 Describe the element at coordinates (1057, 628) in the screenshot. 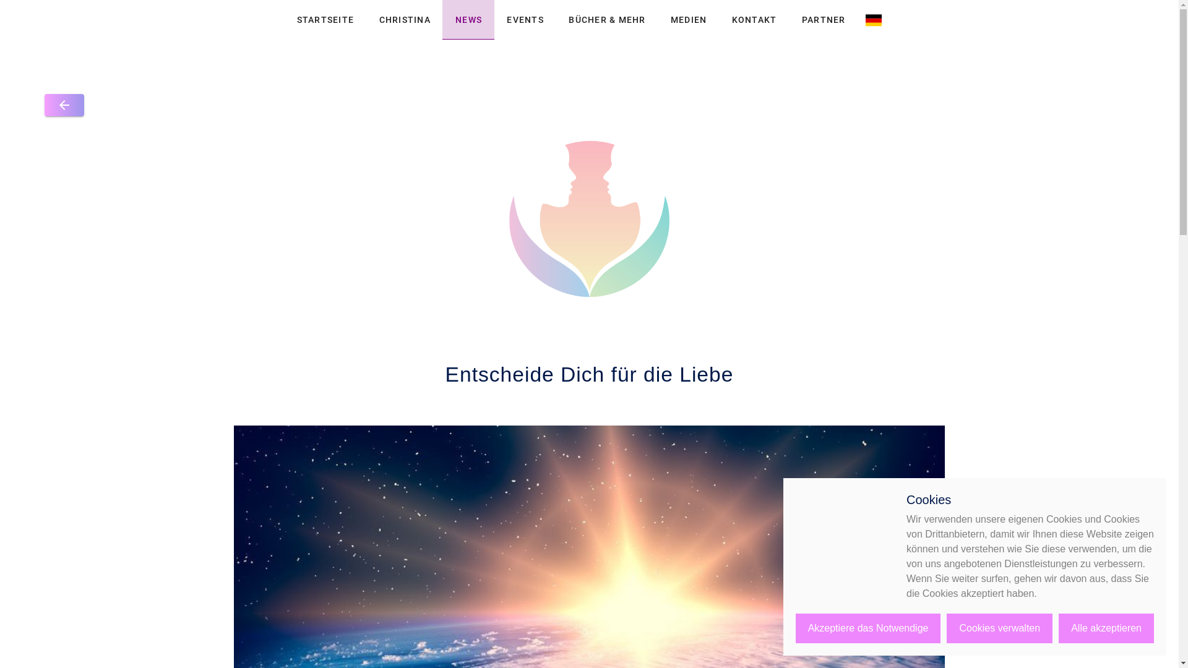

I see `'Alle akzeptieren'` at that location.